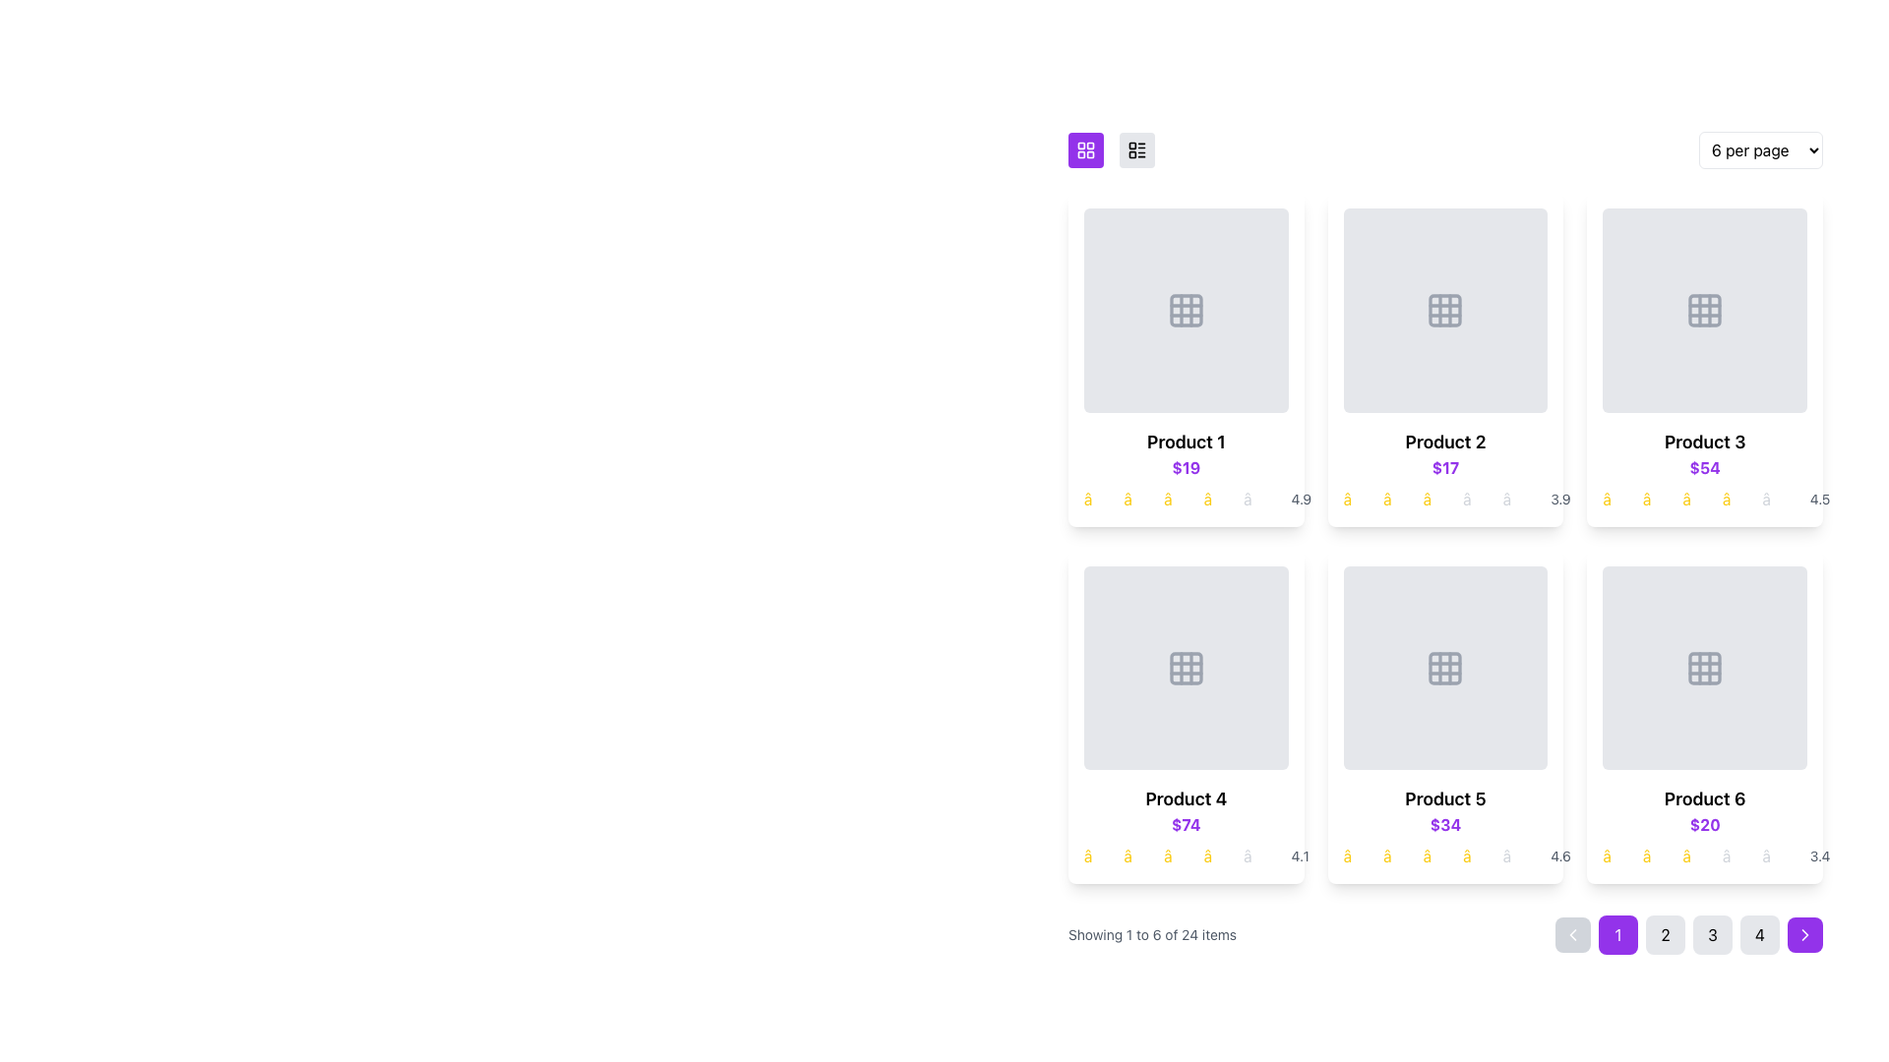 This screenshot has width=1889, height=1062. Describe the element at coordinates (1483, 498) in the screenshot. I see `the fourth star icon in the star rating system for 'Product 2'` at that location.